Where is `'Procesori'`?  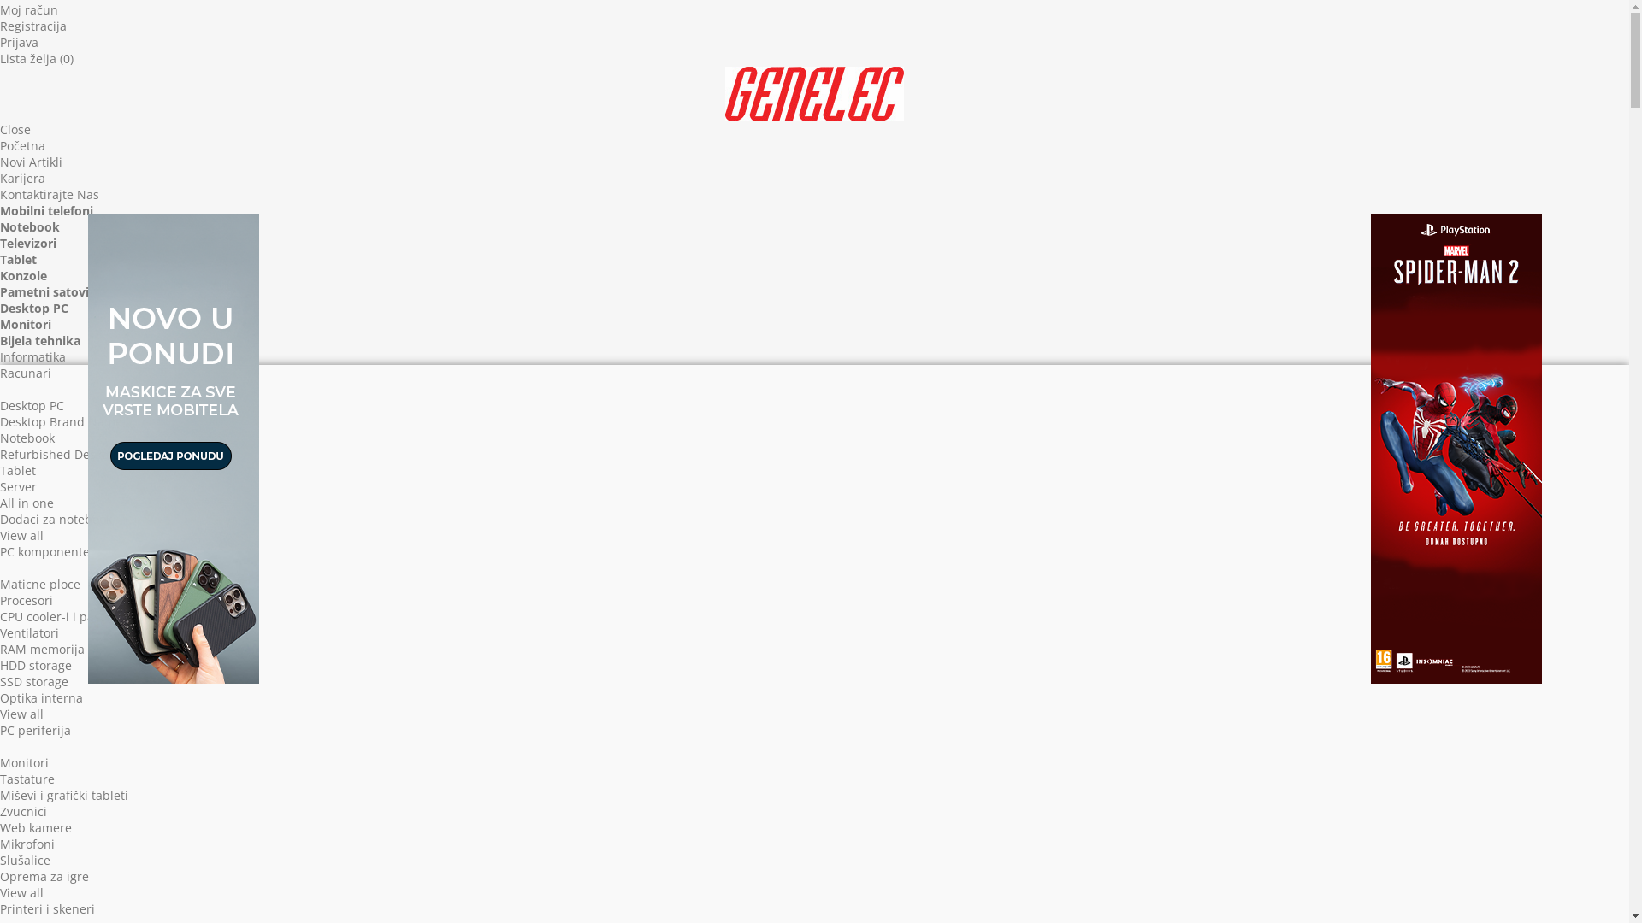
'Procesori' is located at coordinates (0, 599).